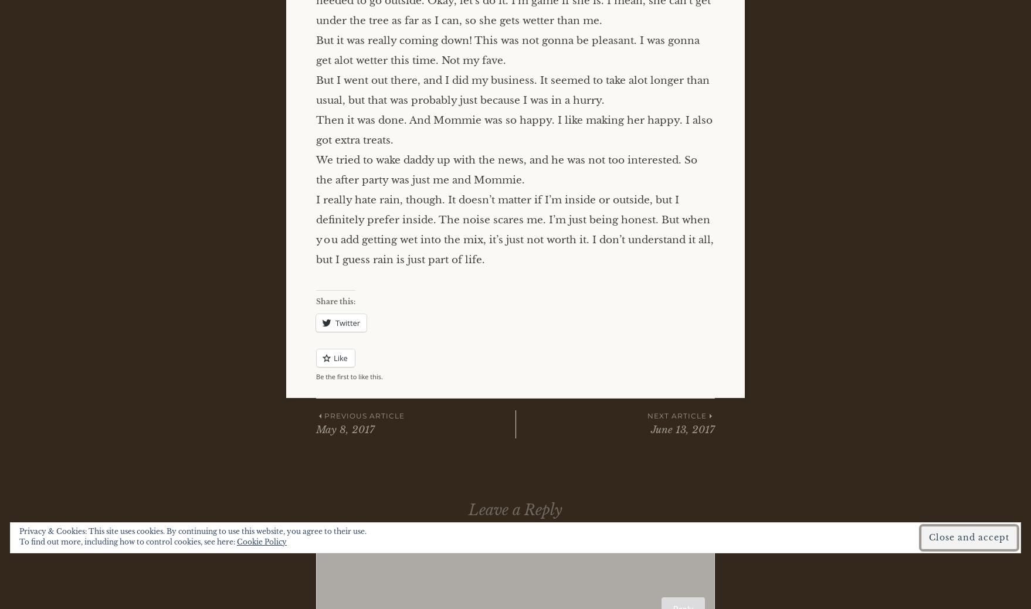 The height and width of the screenshot is (609, 1031). What do you see at coordinates (316, 89) in the screenshot?
I see `'But I went out there, and I did my business. It seemed to take alot longer than usual, but that was probably just because I was in a hurry.'` at bounding box center [316, 89].